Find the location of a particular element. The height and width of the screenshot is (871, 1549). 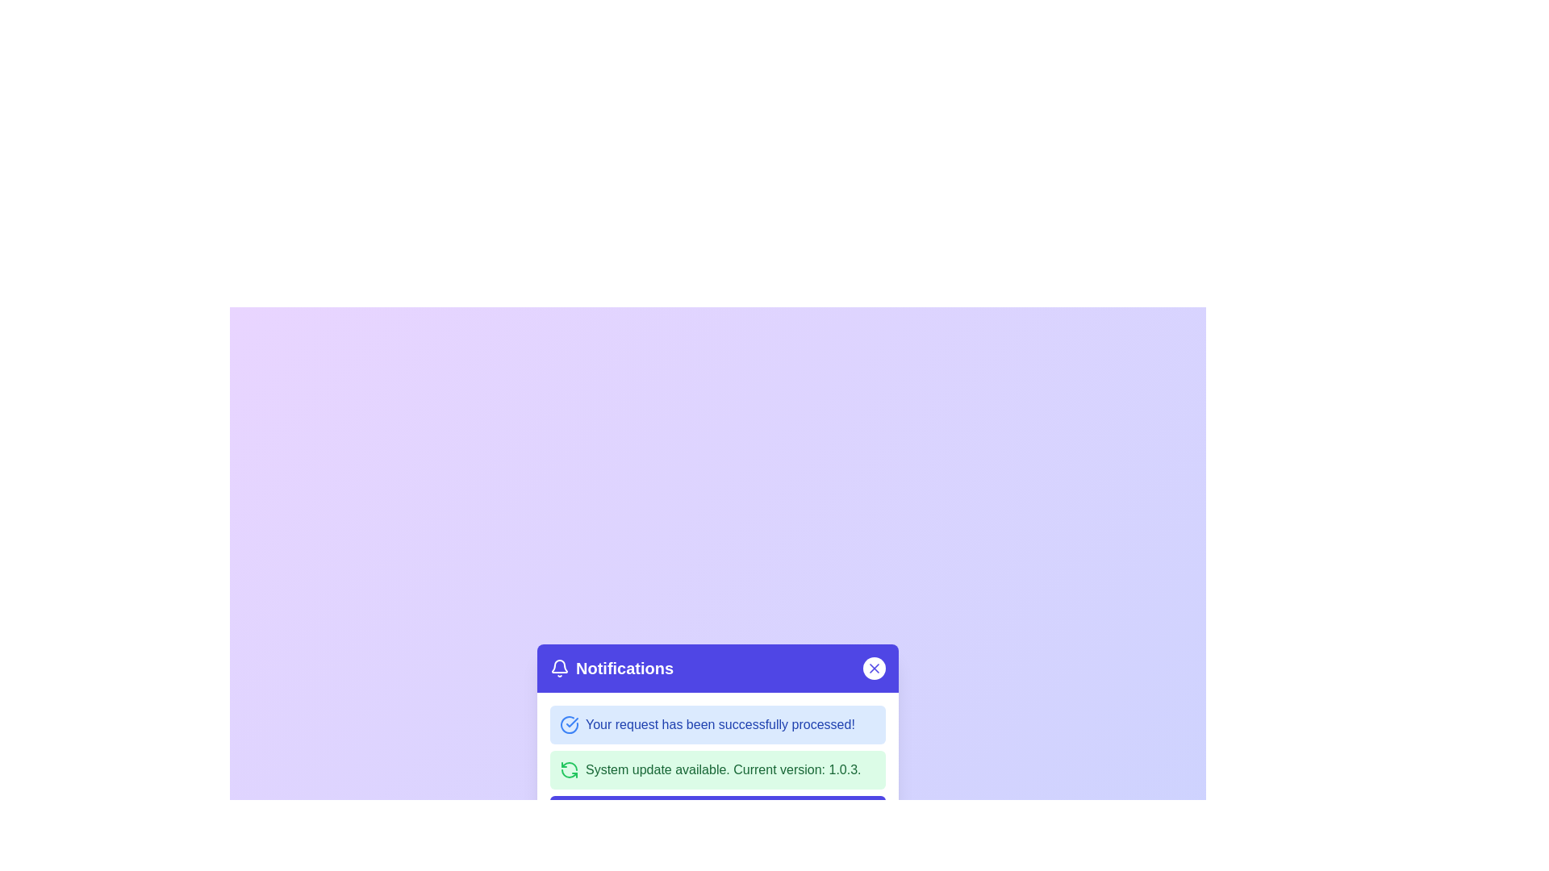

the second notification in the list under the 'Notifications' header, which informs the user about an available system update is located at coordinates (716, 766).